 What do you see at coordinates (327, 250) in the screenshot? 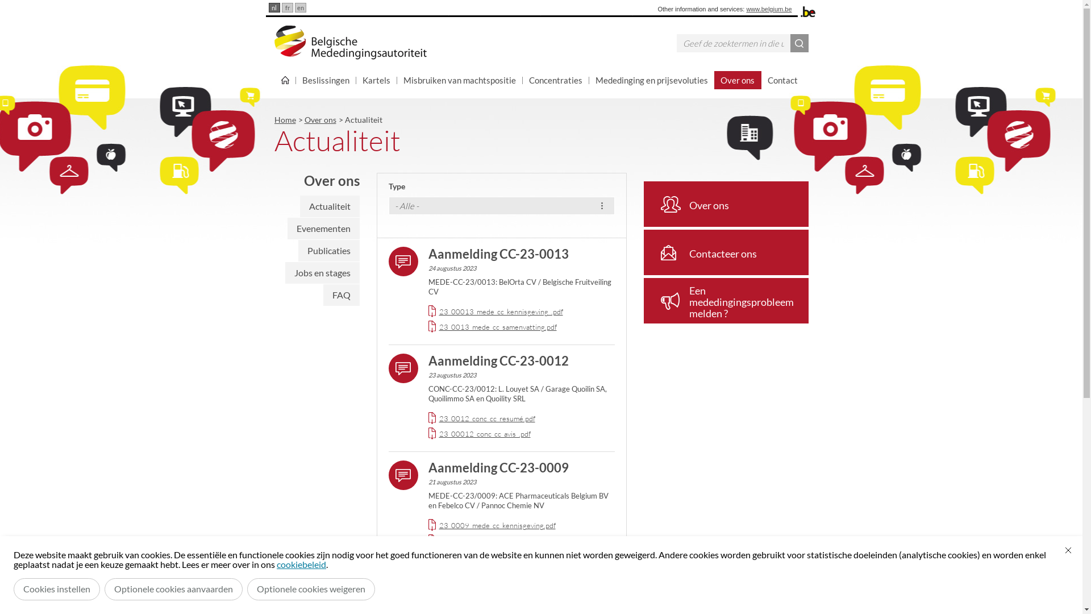
I see `'Publicaties'` at bounding box center [327, 250].